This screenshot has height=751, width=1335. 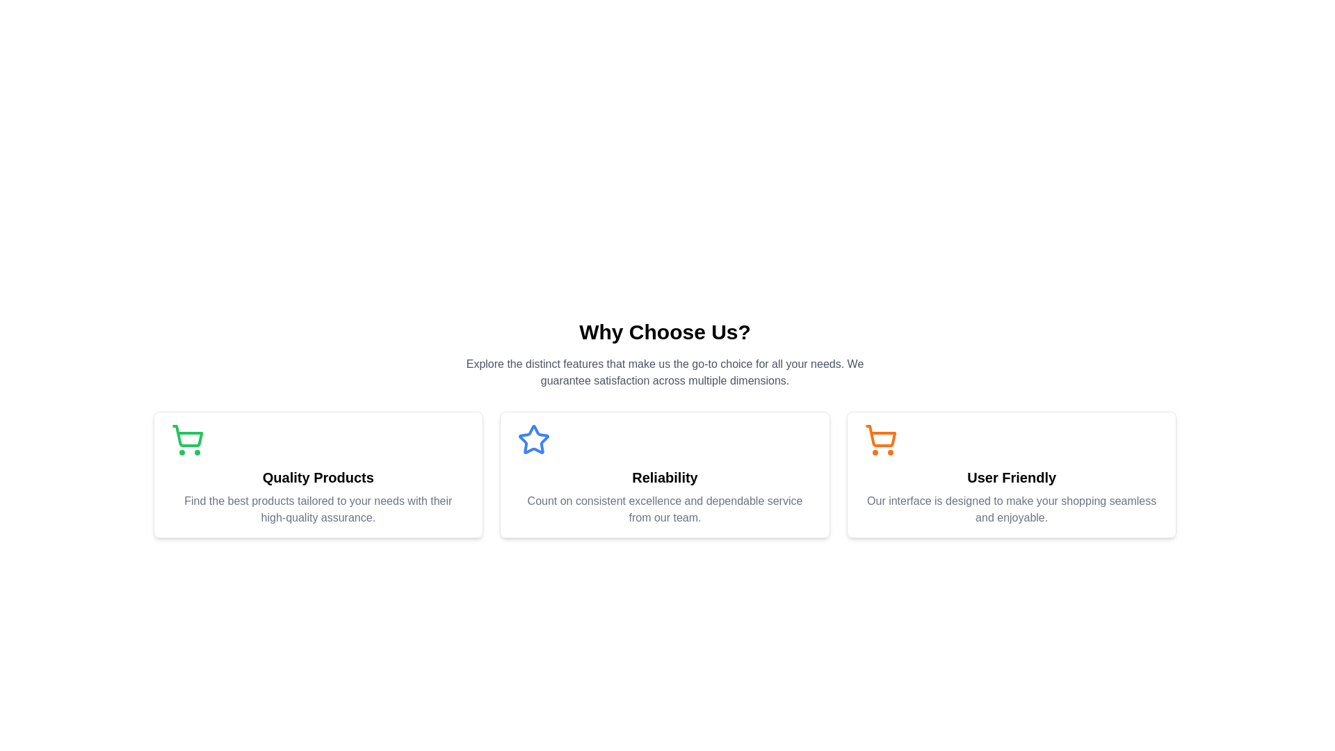 I want to click on the shopping cart icon located in the rightmost column marked 'User Friendly', so click(x=880, y=439).